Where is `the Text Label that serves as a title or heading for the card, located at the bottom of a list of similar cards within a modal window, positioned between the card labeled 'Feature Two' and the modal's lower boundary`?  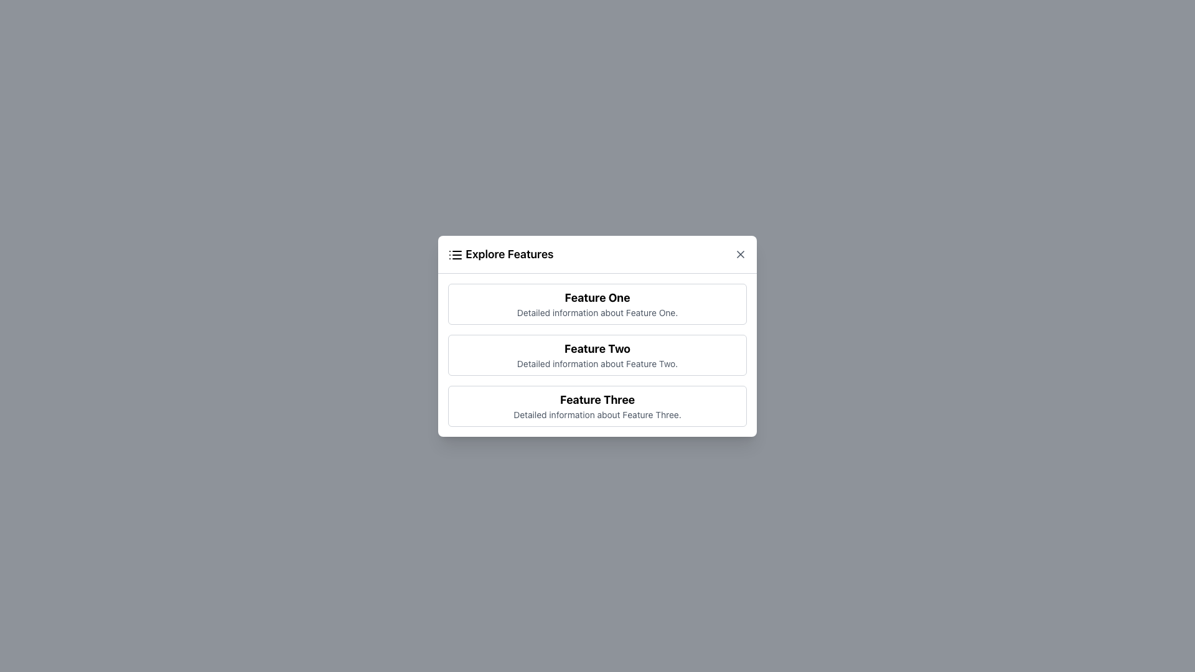
the Text Label that serves as a title or heading for the card, located at the bottom of a list of similar cards within a modal window, positioned between the card labeled 'Feature Two' and the modal's lower boundary is located at coordinates (597, 399).